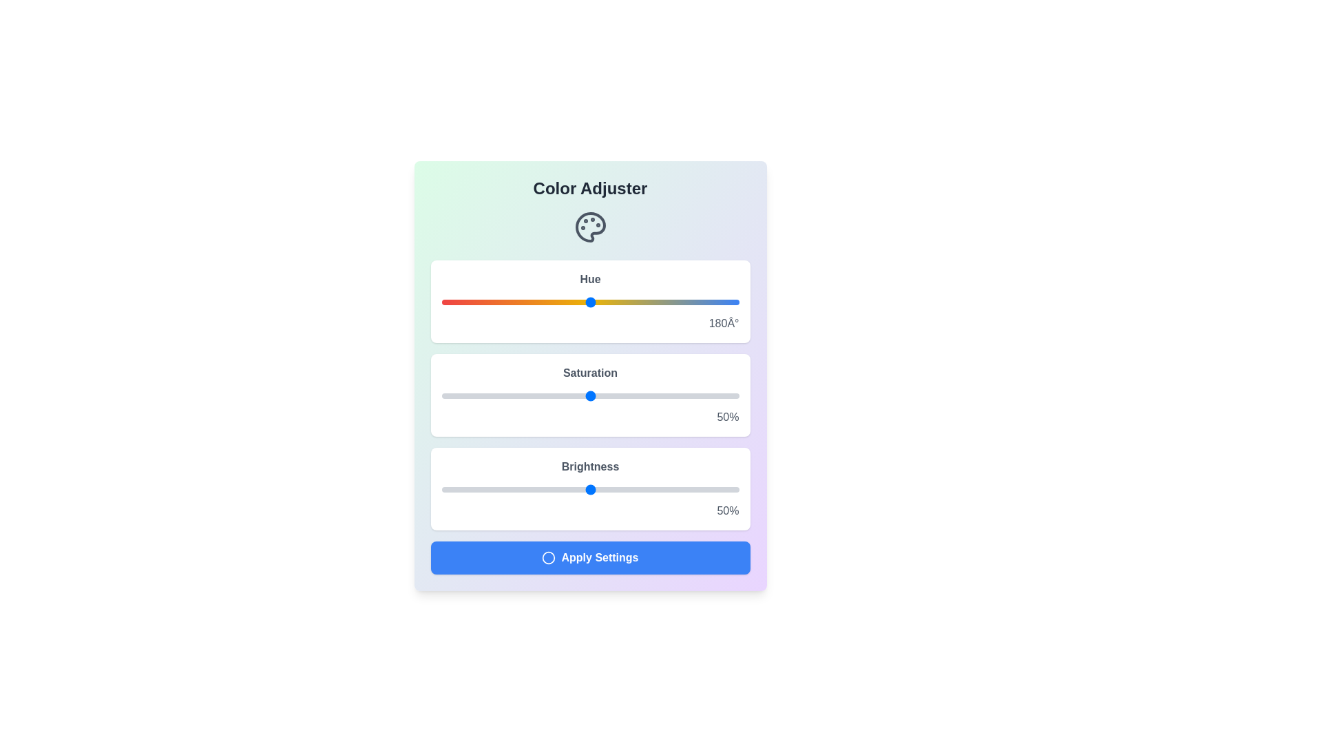 The height and width of the screenshot is (744, 1322). I want to click on the brightness slider to 4% by dragging the slider to the corresponding position, so click(453, 488).